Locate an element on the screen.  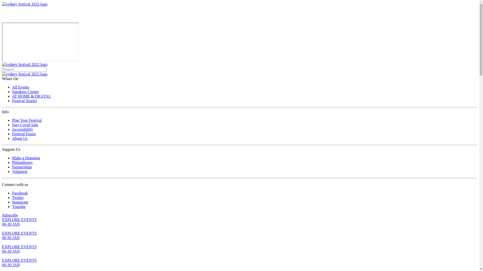
'AT HOME & DIGITAL' is located at coordinates (12, 96).